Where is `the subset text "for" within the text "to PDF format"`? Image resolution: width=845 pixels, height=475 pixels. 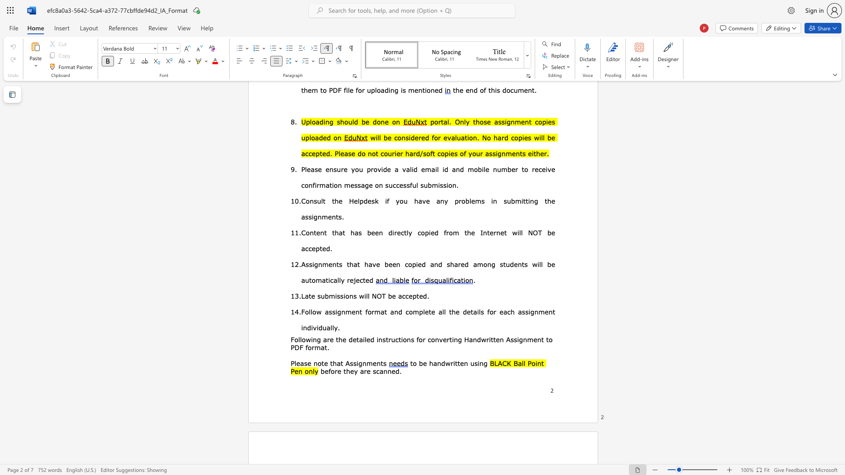 the subset text "for" within the text "to PDF format" is located at coordinates (305, 347).